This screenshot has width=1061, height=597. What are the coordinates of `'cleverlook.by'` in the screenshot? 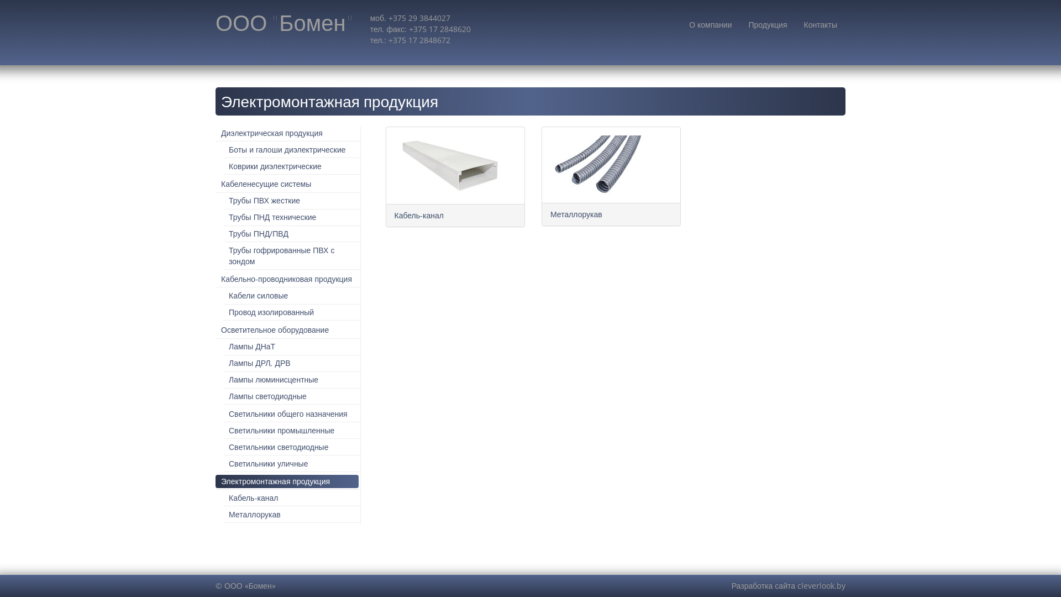 It's located at (797, 585).